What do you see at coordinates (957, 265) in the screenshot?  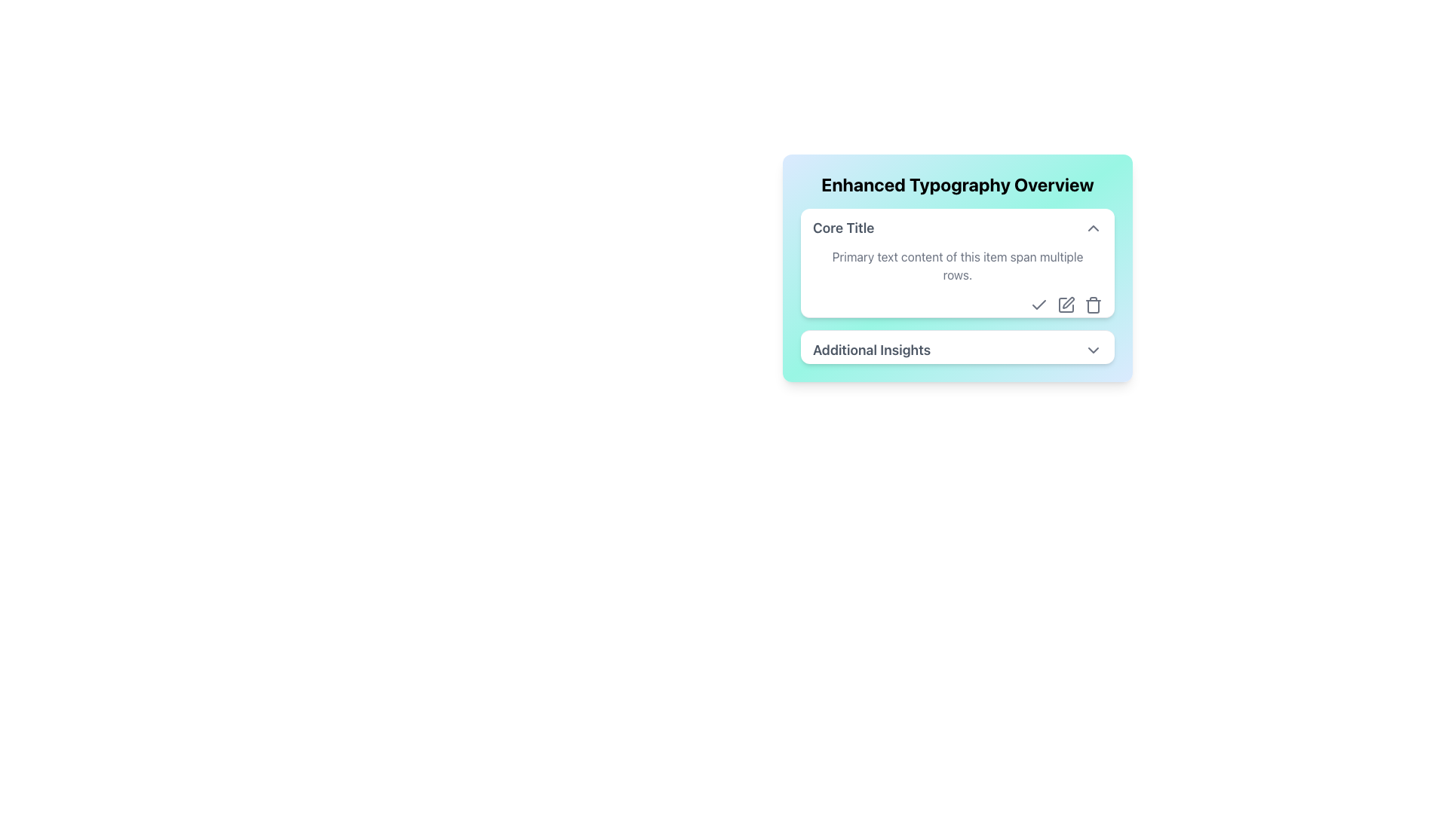 I see `multiline text content displayed in the Text Block styled with a medium-sized serif font located beneath the 'Core Title' header in the 'Enhanced Typography Overview' module` at bounding box center [957, 265].